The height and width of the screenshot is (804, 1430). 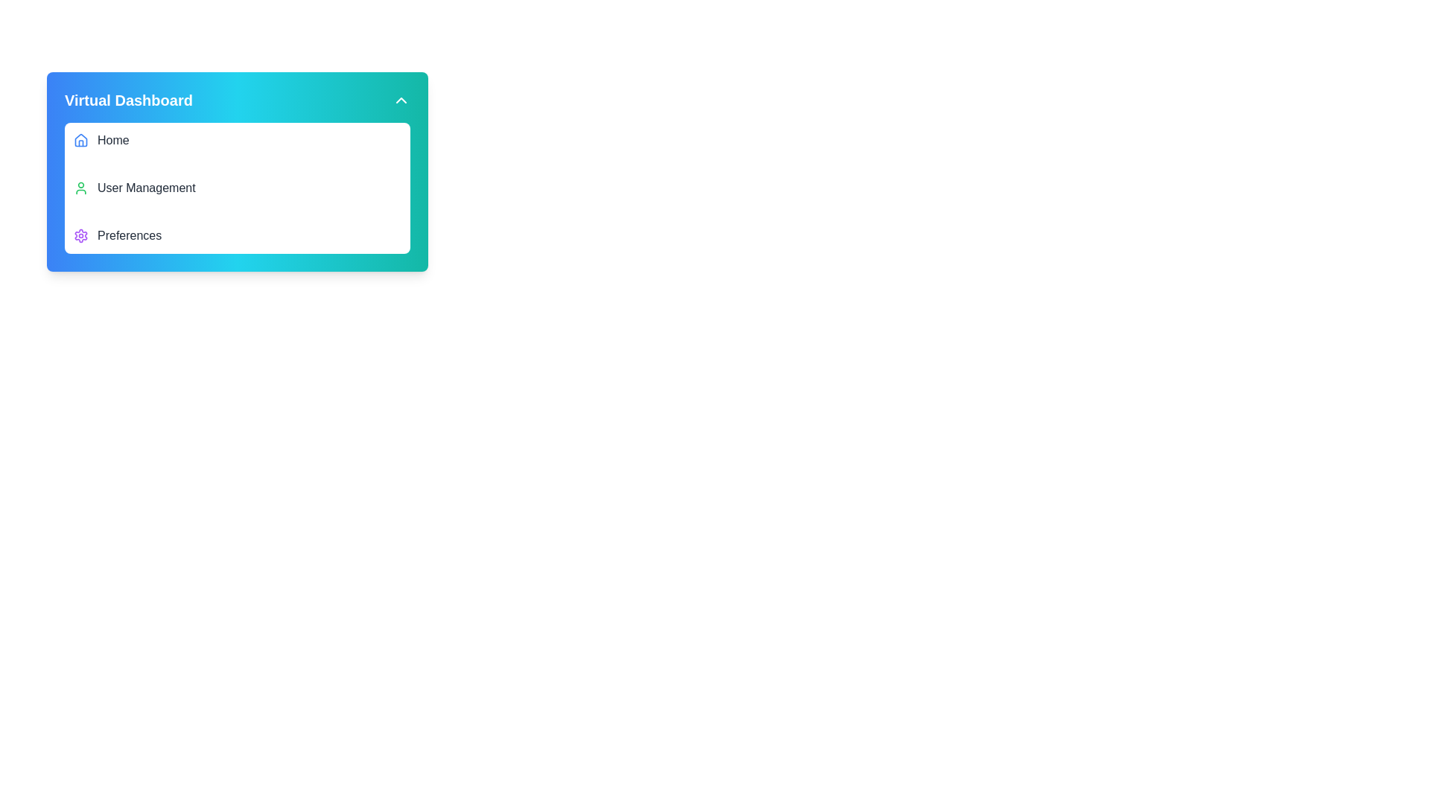 I want to click on the chevron up arrow button located on the far right of the top bar containing 'Virtual Dashboard', so click(x=401, y=100).